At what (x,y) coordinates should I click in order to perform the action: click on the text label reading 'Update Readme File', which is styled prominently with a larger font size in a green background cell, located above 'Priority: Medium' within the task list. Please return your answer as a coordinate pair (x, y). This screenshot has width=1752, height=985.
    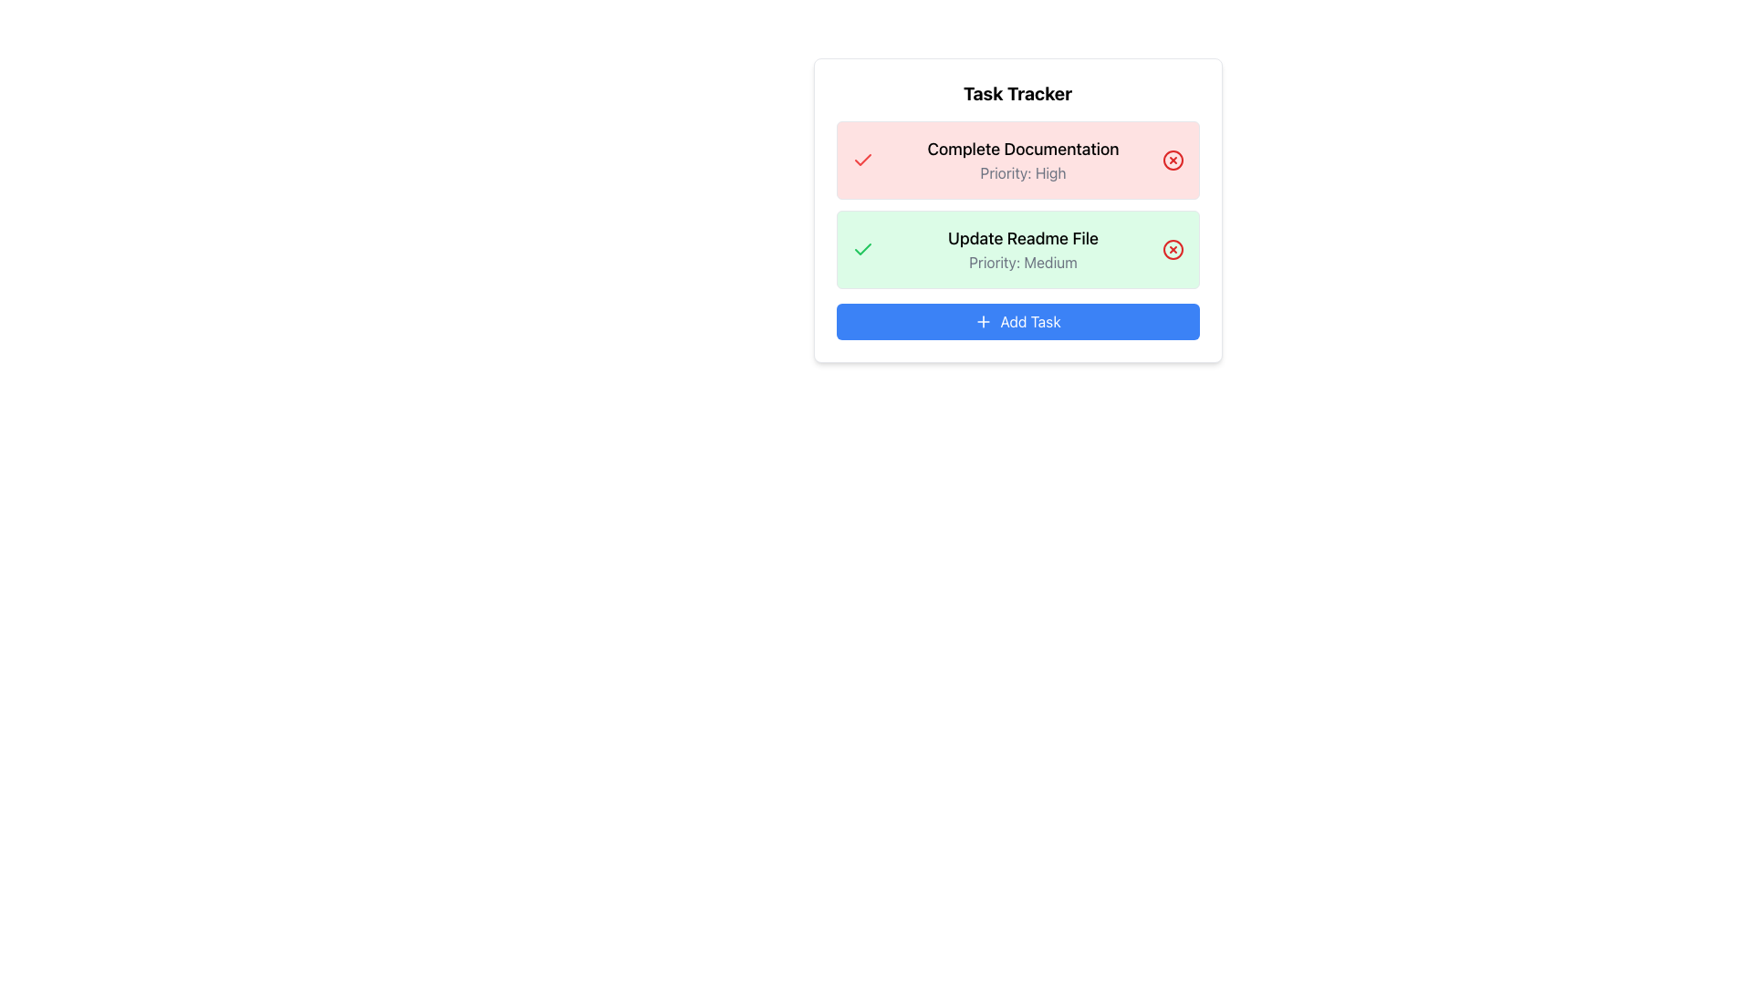
    Looking at the image, I should click on (1023, 238).